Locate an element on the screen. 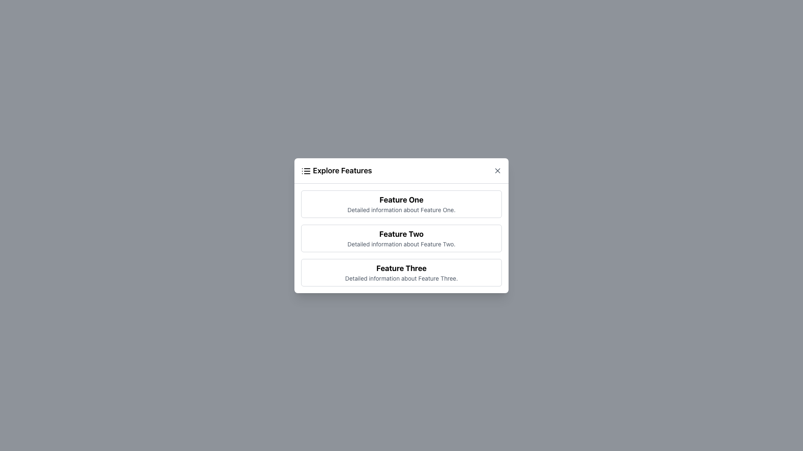  the List component that presents detailed entries for 'Feature One,' 'Feature Two,' and 'Feature Three' within the 'Explore Features' section is located at coordinates (401, 238).